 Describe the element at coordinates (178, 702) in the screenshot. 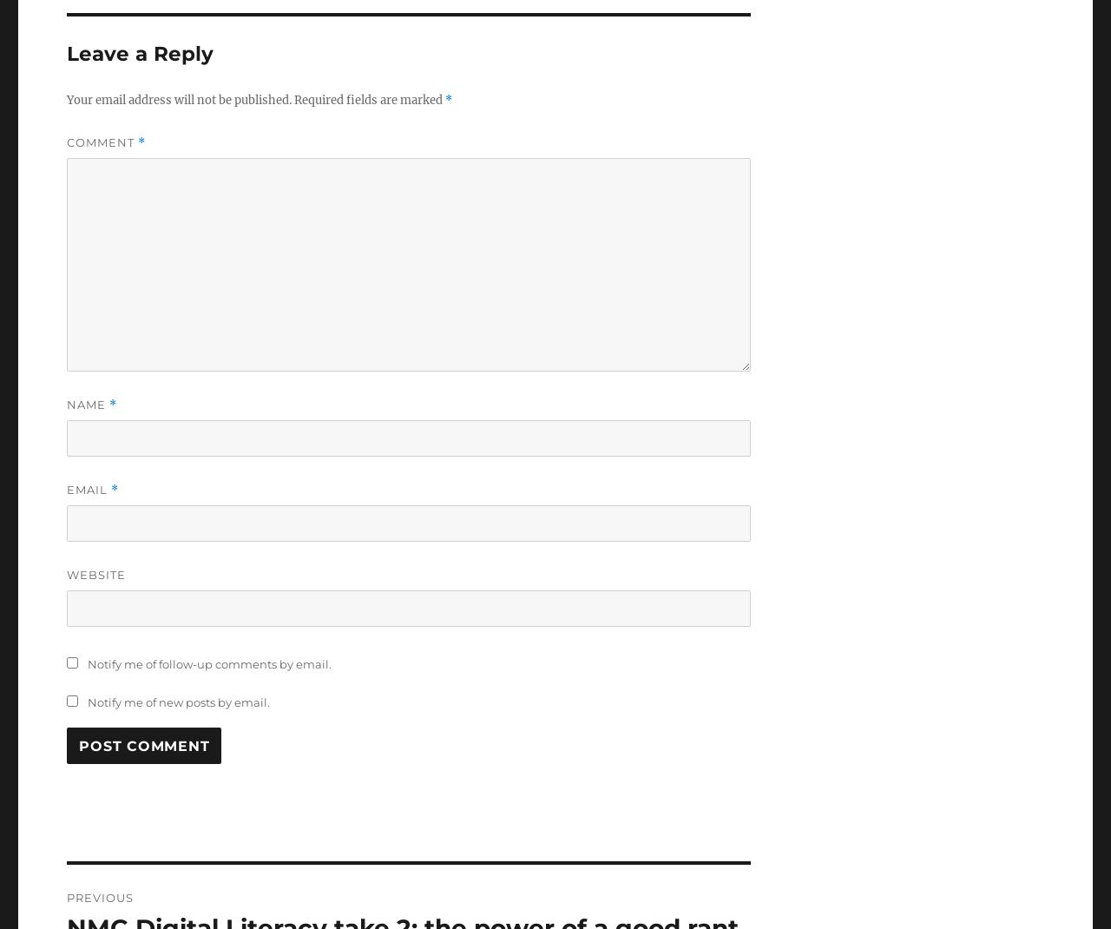

I see `'Notify me of new posts by email.'` at that location.